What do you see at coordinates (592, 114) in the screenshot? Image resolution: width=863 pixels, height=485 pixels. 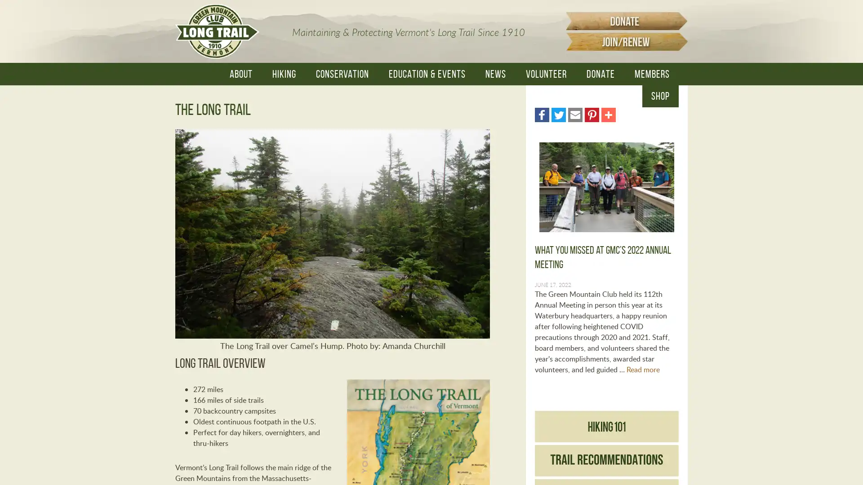 I see `Share to Pinterest` at bounding box center [592, 114].